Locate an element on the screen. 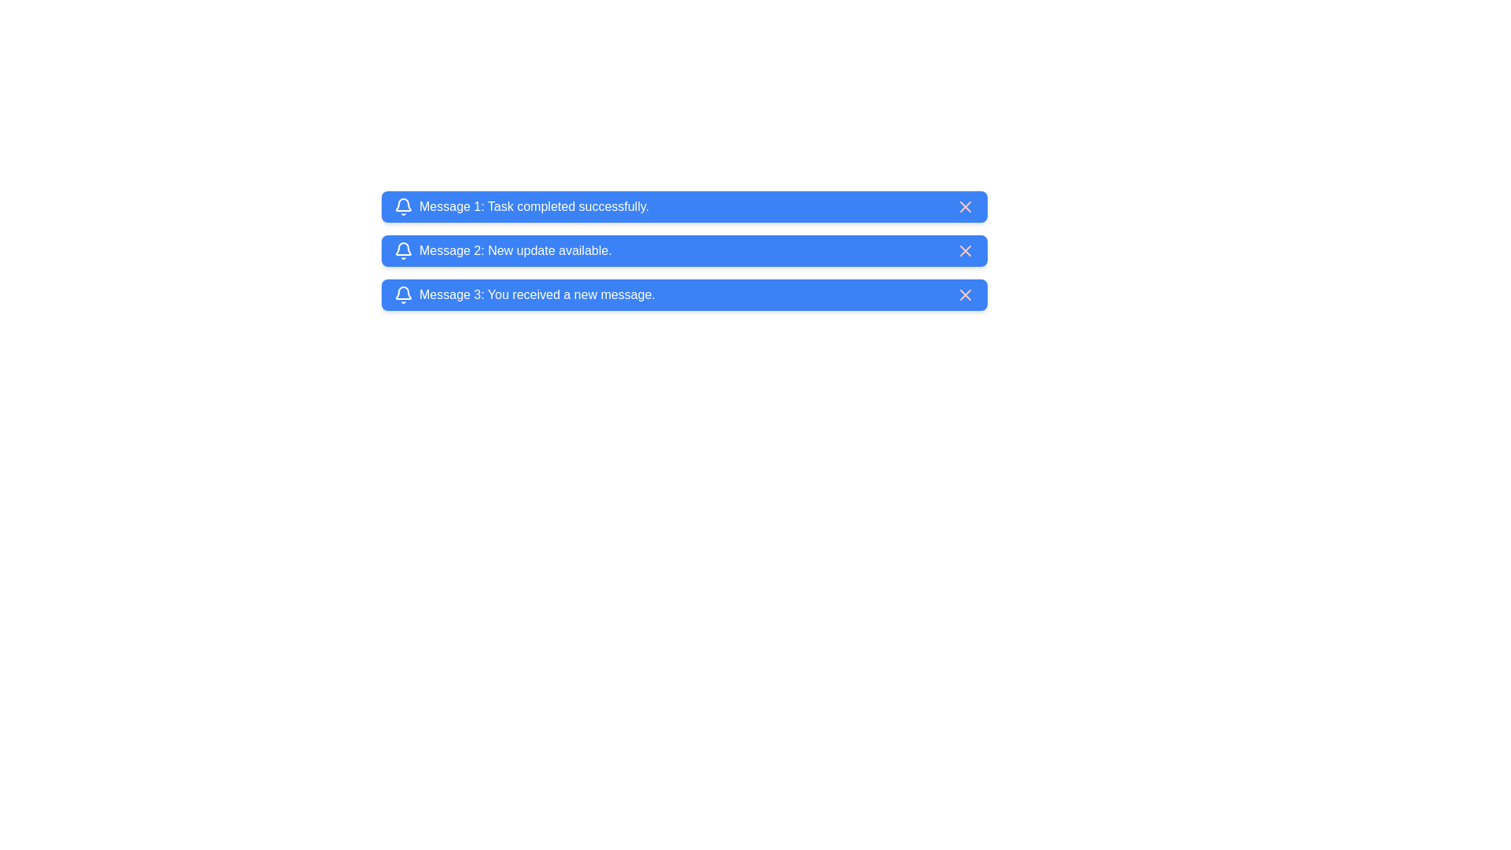 Image resolution: width=1511 pixels, height=850 pixels. the red 'X' button located at the far-right of the blue notification box that displays the message 'Message 1: Task completed successfully' is located at coordinates (965, 205).